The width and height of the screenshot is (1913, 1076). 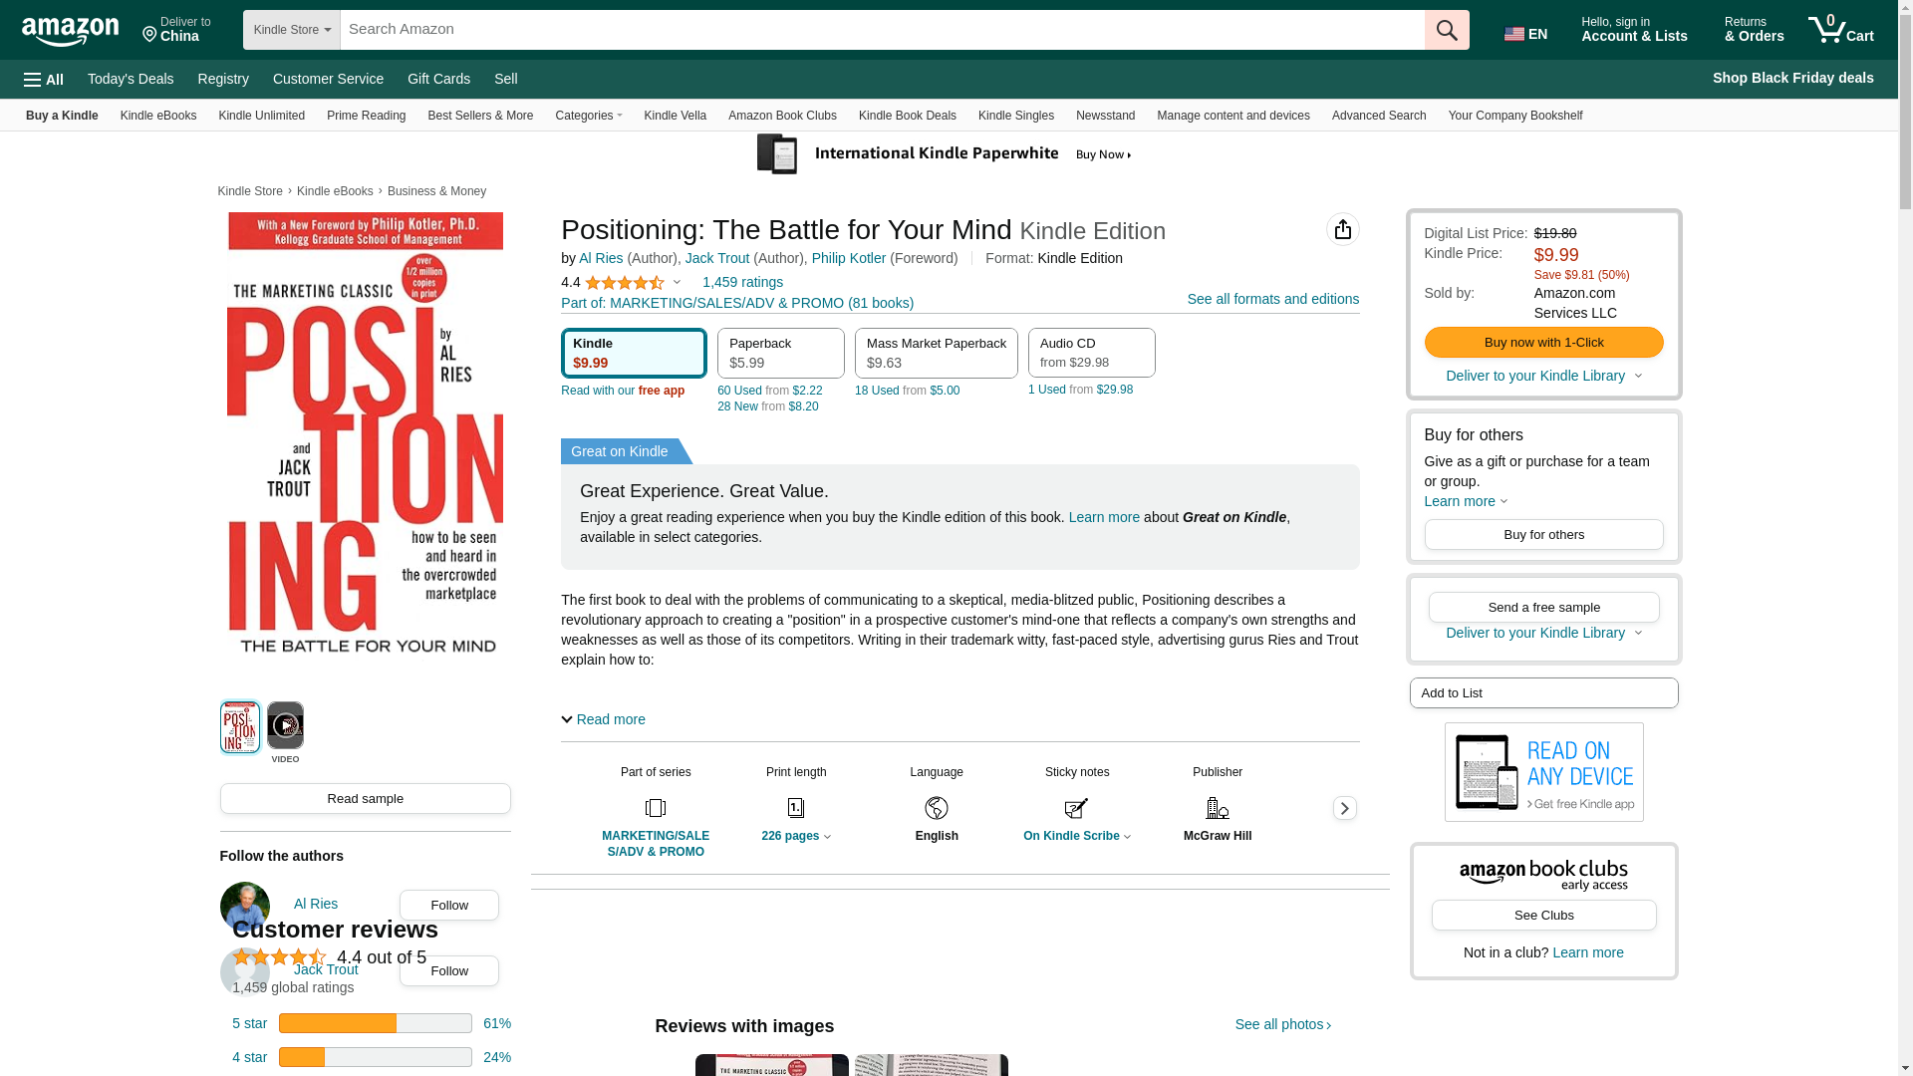 What do you see at coordinates (248, 1055) in the screenshot?
I see `'4 star'` at bounding box center [248, 1055].